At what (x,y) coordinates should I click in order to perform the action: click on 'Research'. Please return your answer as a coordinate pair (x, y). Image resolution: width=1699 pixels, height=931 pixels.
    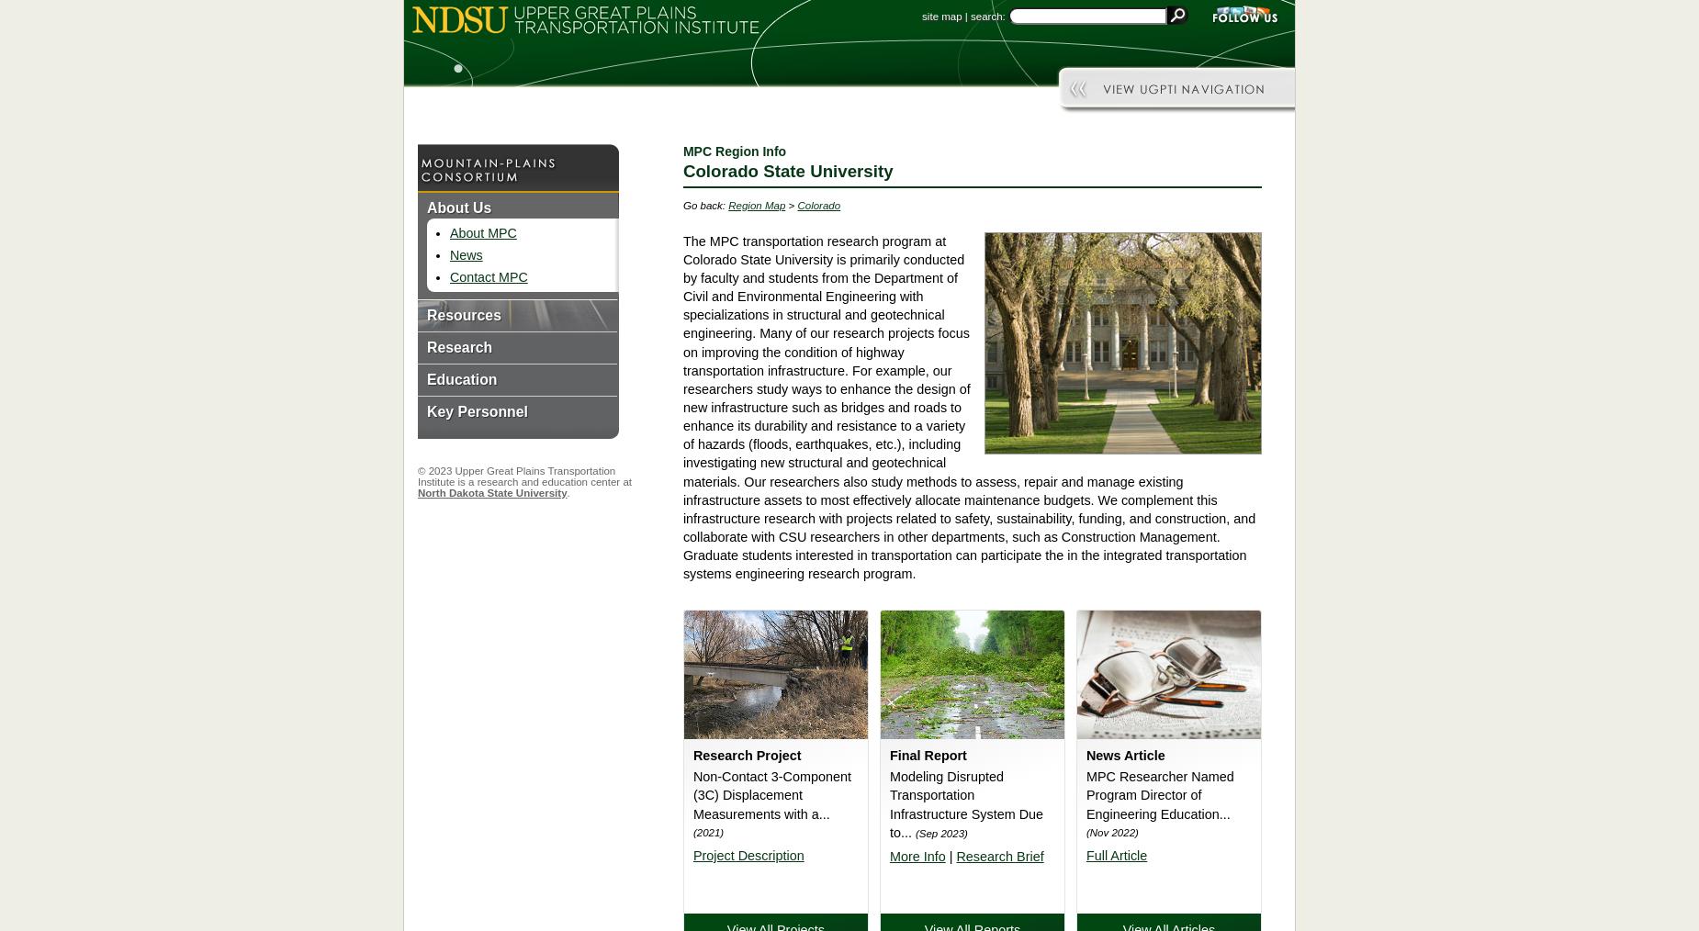
    Looking at the image, I should click on (459, 346).